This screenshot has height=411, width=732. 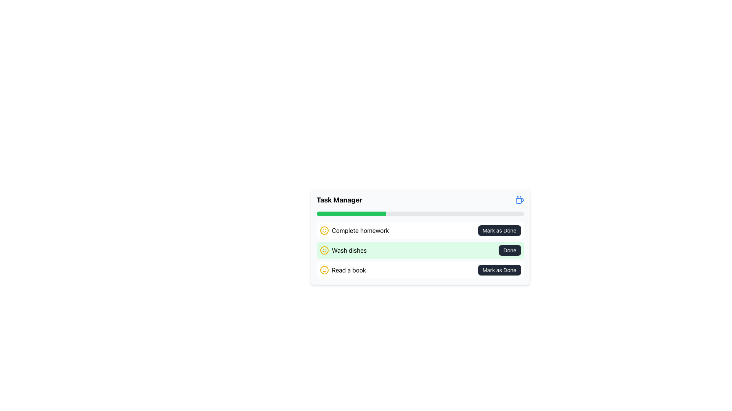 I want to click on the cheerful or neutral sentiment icon representing the task 'Wash dishes', located to the left of the text within the second task item in the Task Manager's list, so click(x=324, y=250).